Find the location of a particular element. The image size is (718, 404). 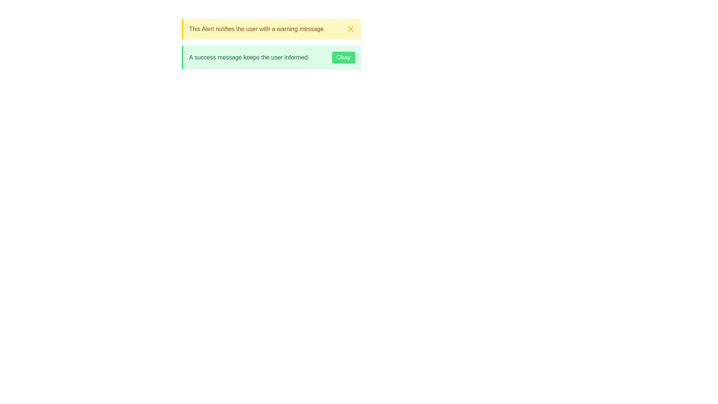

the static warning message text within the yellow notification box with an orange left border, located in the center-left area of the box is located at coordinates (257, 28).